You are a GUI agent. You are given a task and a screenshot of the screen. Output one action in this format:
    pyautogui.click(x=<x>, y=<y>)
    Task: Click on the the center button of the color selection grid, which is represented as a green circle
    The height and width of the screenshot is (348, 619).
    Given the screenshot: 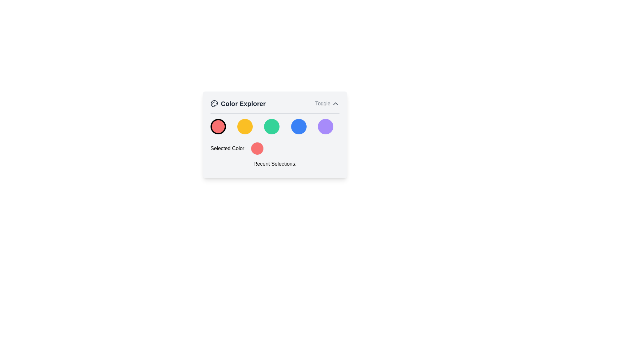 What is the action you would take?
    pyautogui.click(x=275, y=127)
    